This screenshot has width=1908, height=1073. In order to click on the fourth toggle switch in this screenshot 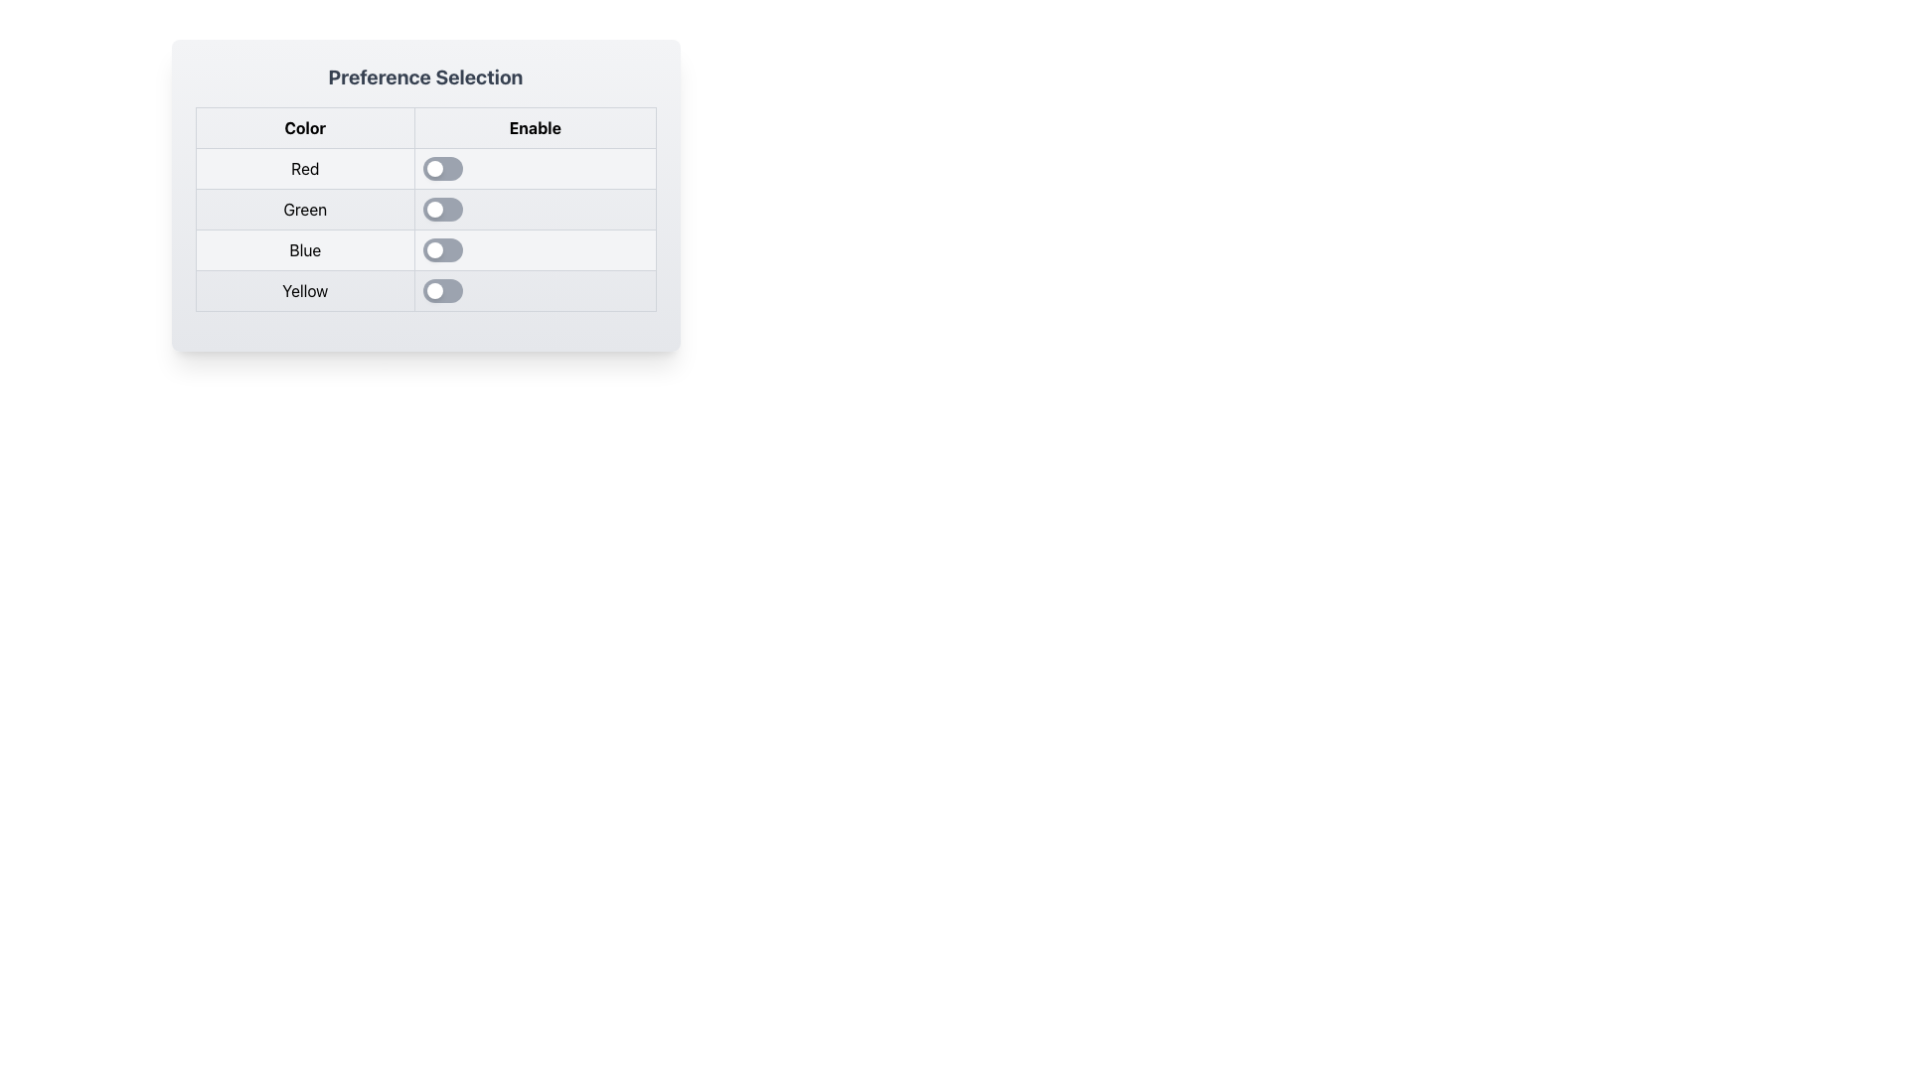, I will do `click(442, 291)`.